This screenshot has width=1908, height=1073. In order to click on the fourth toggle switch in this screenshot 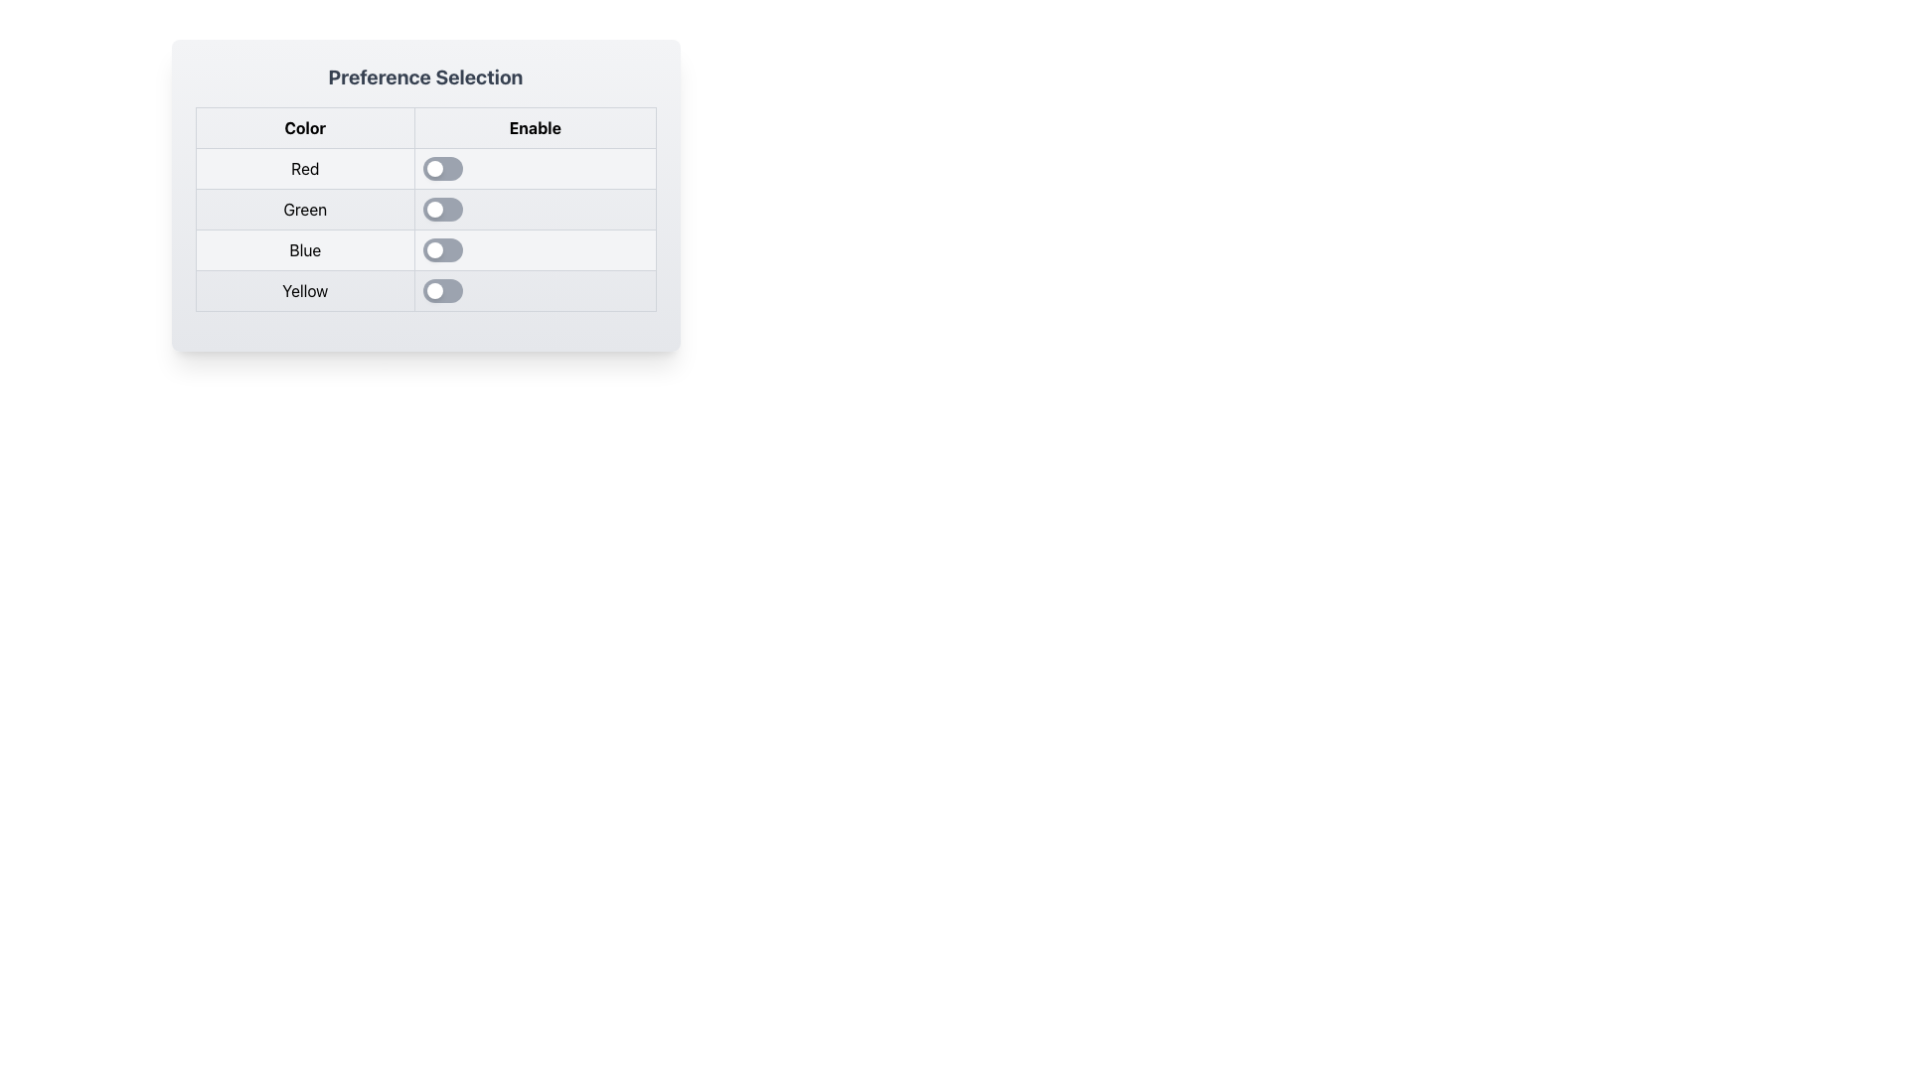, I will do `click(442, 291)`.